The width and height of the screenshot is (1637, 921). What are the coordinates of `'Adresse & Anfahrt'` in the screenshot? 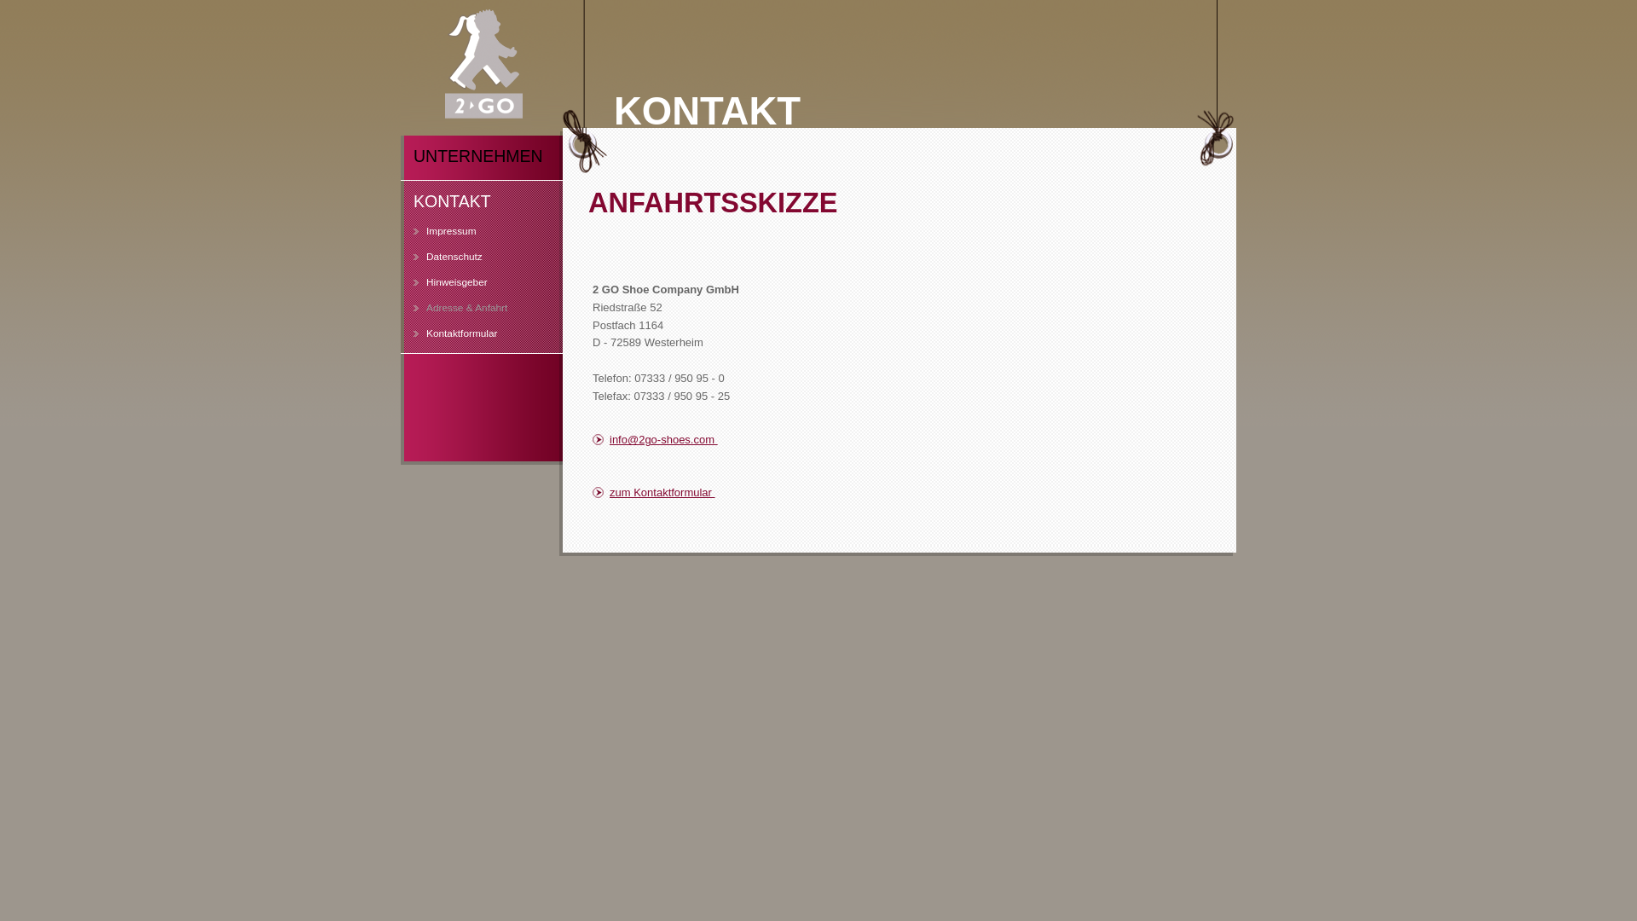 It's located at (400, 315).